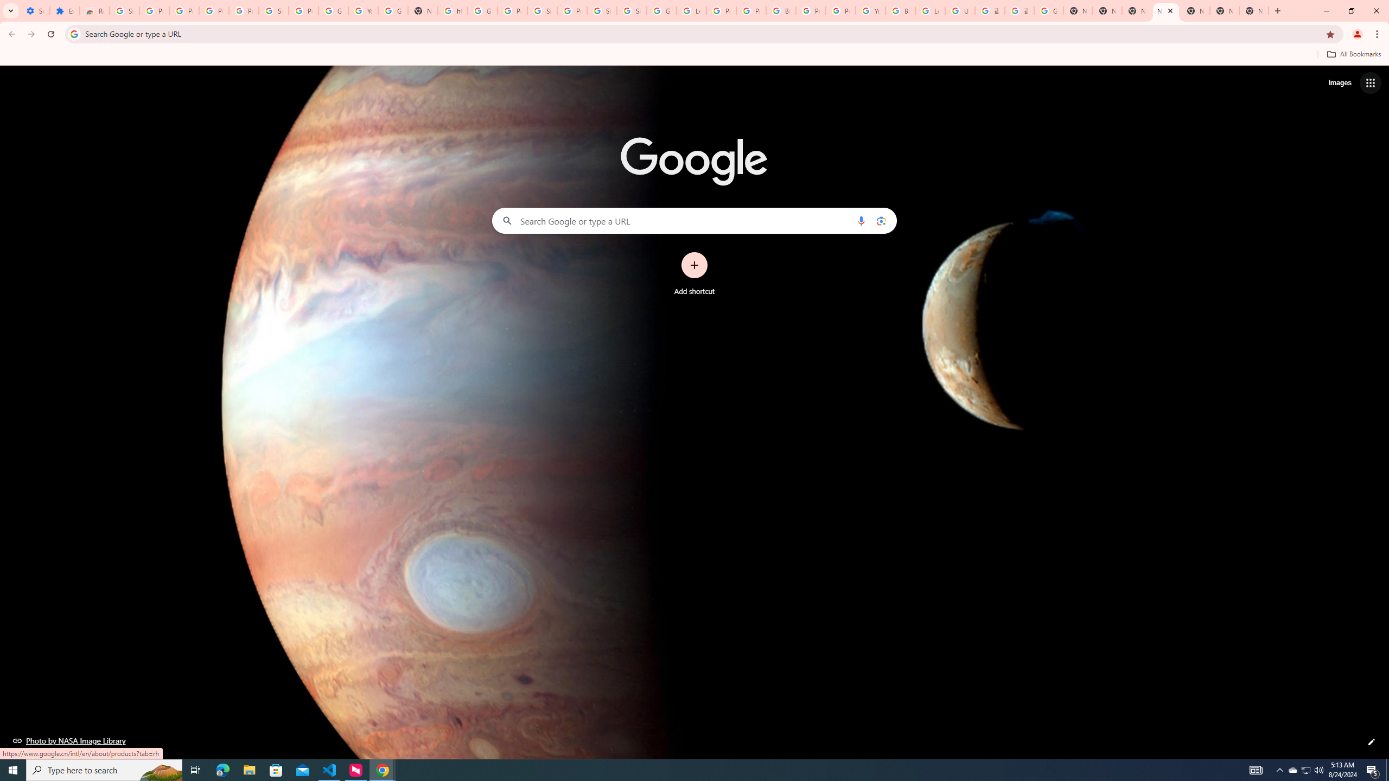 This screenshot has width=1389, height=781. What do you see at coordinates (333, 10) in the screenshot?
I see `'Google Account'` at bounding box center [333, 10].